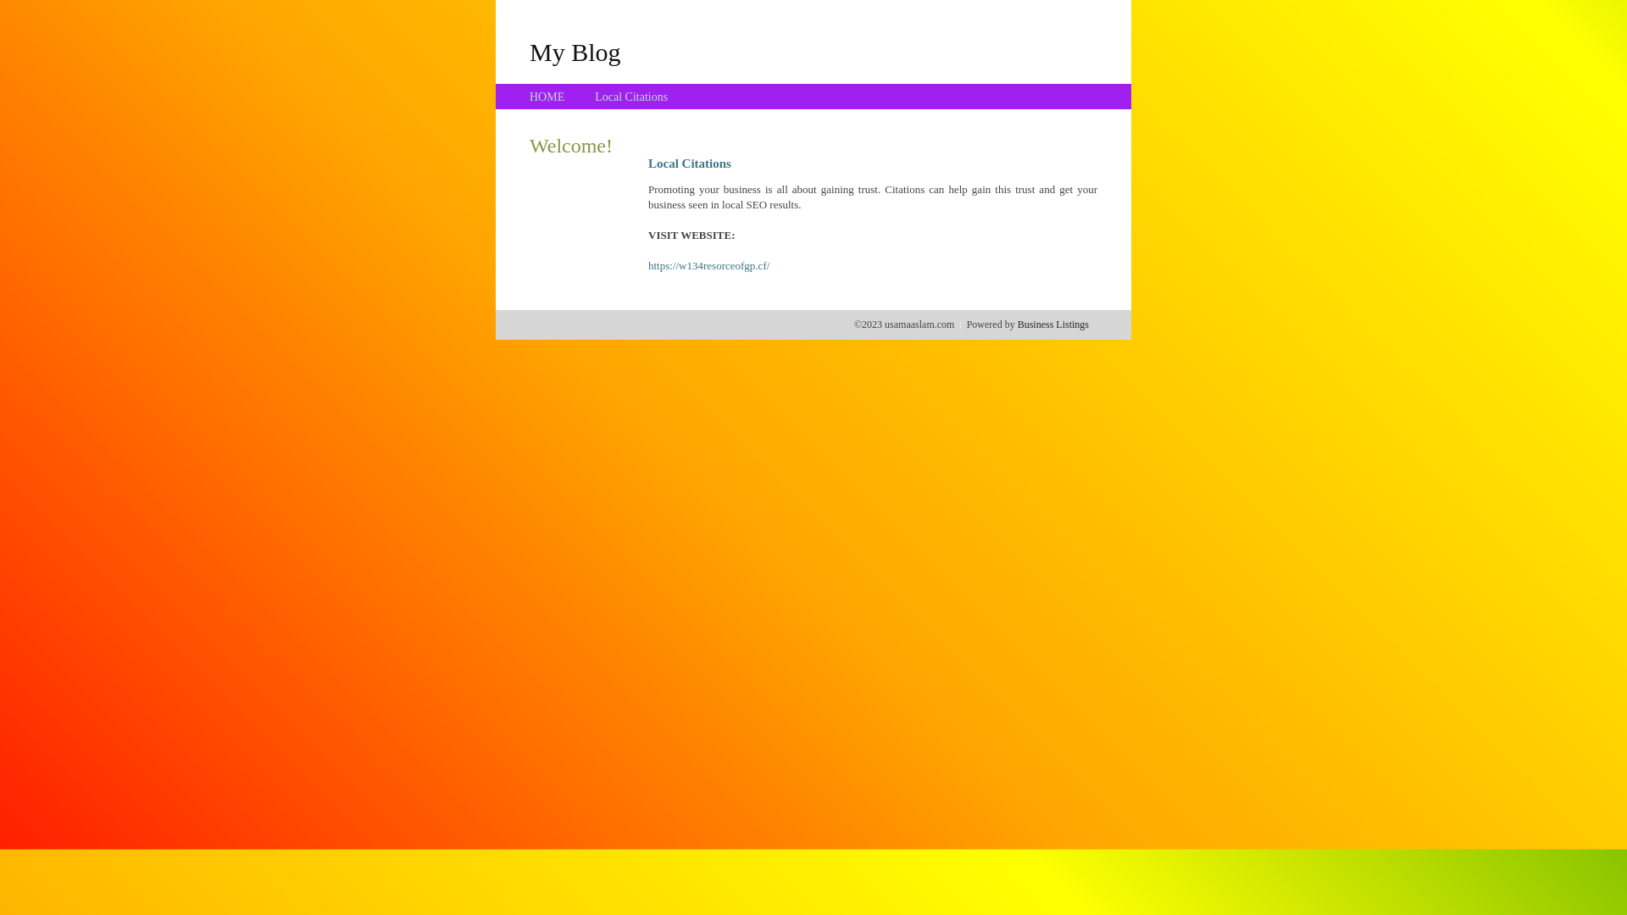 The image size is (1627, 915). I want to click on 'https://w134resorceofgp.cf/', so click(647, 265).